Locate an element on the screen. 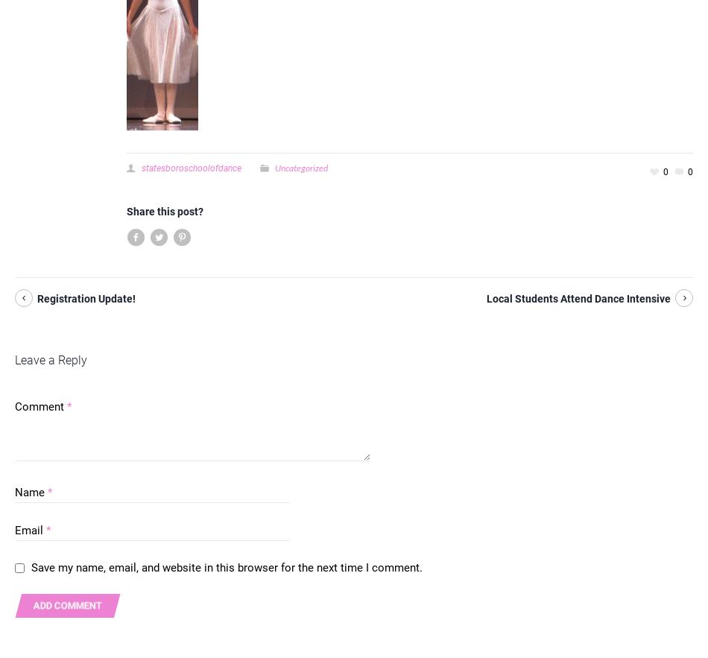 This screenshot has width=708, height=658. 'Local Students Attend Dance Intensive' is located at coordinates (578, 297).